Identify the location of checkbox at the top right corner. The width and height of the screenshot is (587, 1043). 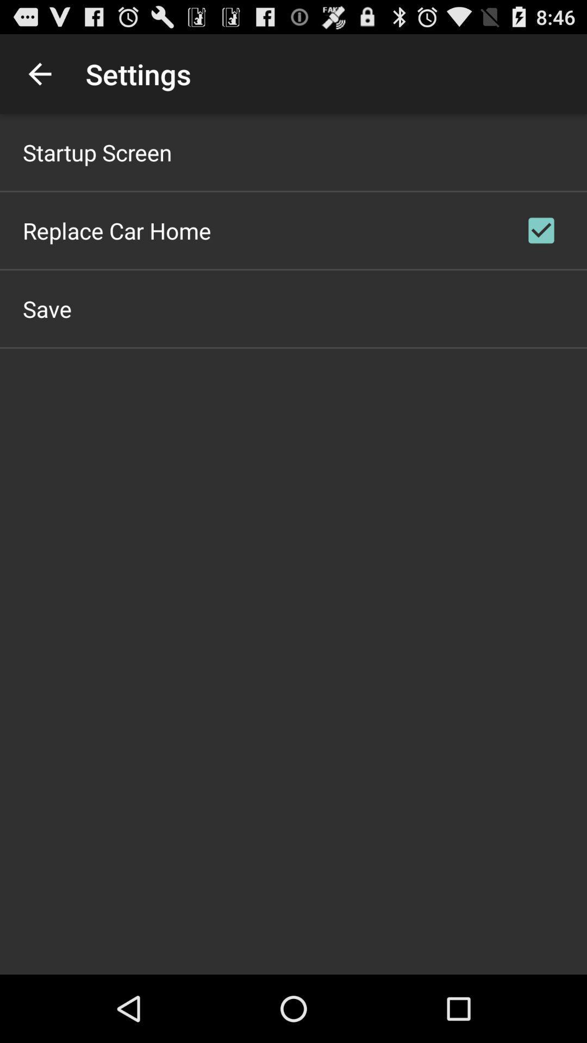
(541, 230).